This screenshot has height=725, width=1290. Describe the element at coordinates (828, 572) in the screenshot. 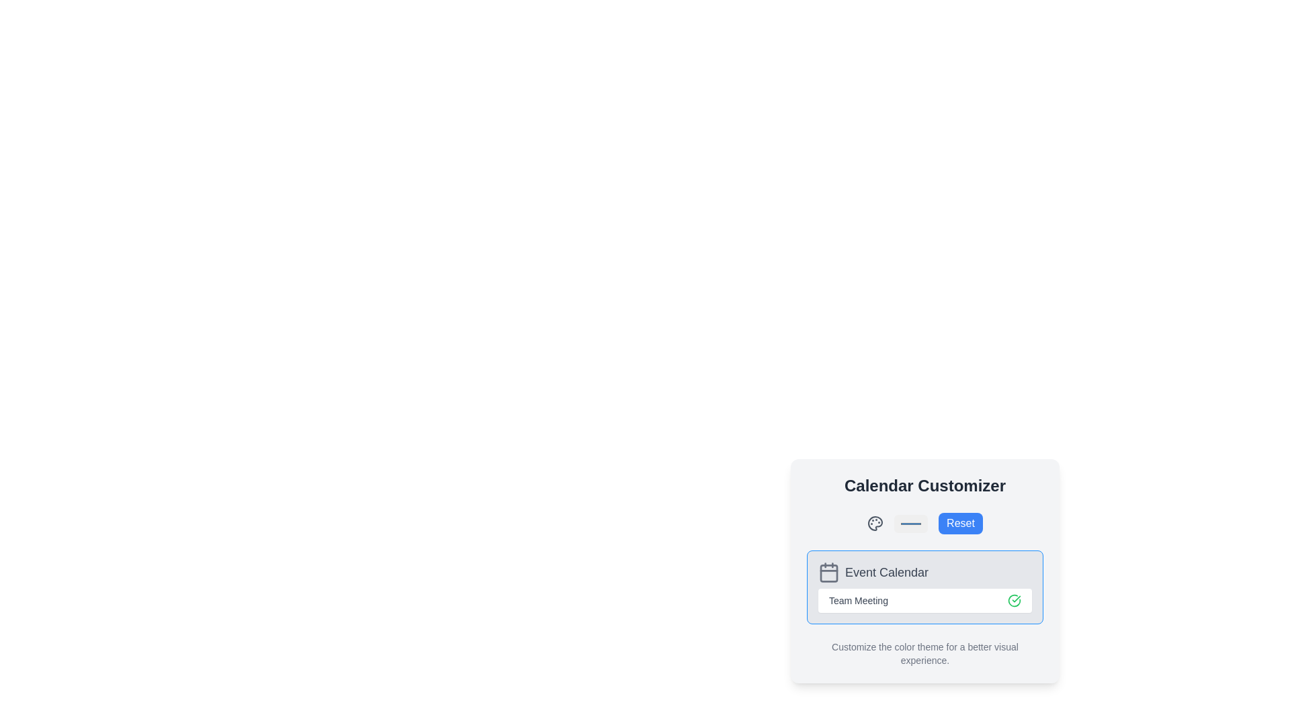

I see `the gray calendar icon that is styled as inactive, positioned to the left of the 'Event Calendar' text in the 'Calendar Customizer' section` at that location.